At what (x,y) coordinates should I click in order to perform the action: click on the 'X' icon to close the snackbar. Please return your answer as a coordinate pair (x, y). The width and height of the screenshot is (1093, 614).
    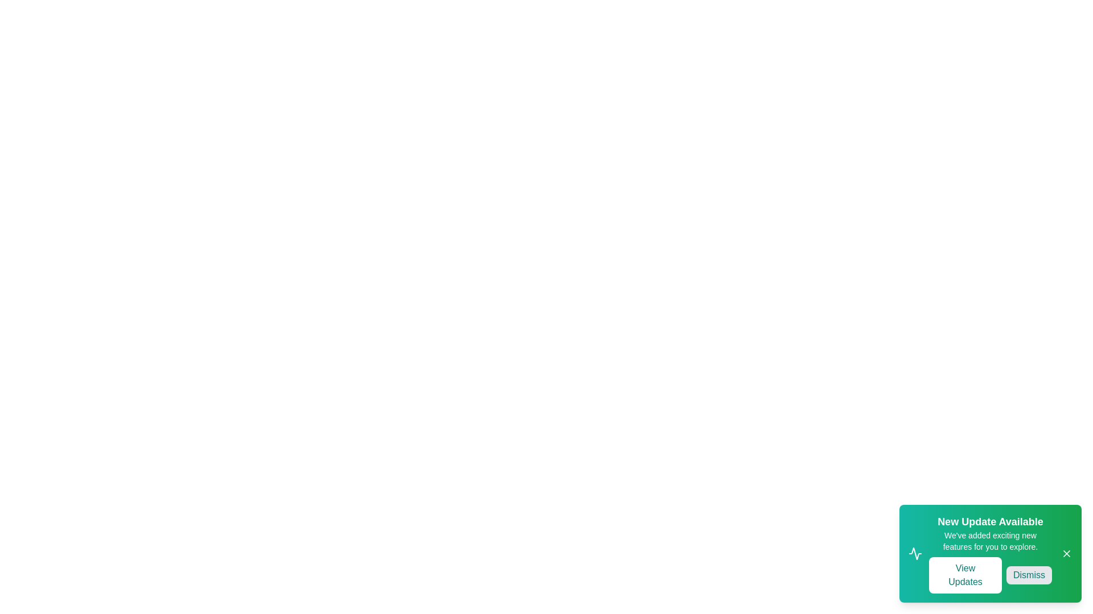
    Looking at the image, I should click on (1066, 553).